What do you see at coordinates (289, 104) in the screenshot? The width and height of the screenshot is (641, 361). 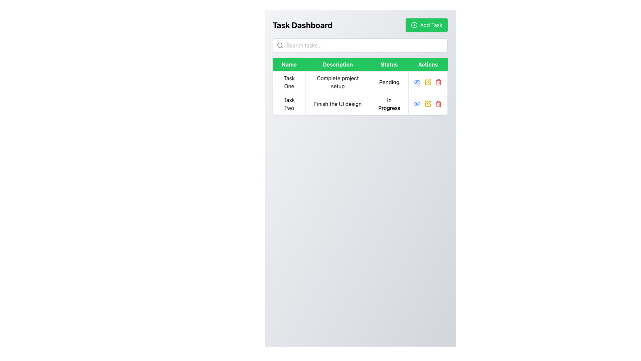 I see `the static text label that displays 'Task Two', which is located in the second row of the table under the 'Name' column` at bounding box center [289, 104].